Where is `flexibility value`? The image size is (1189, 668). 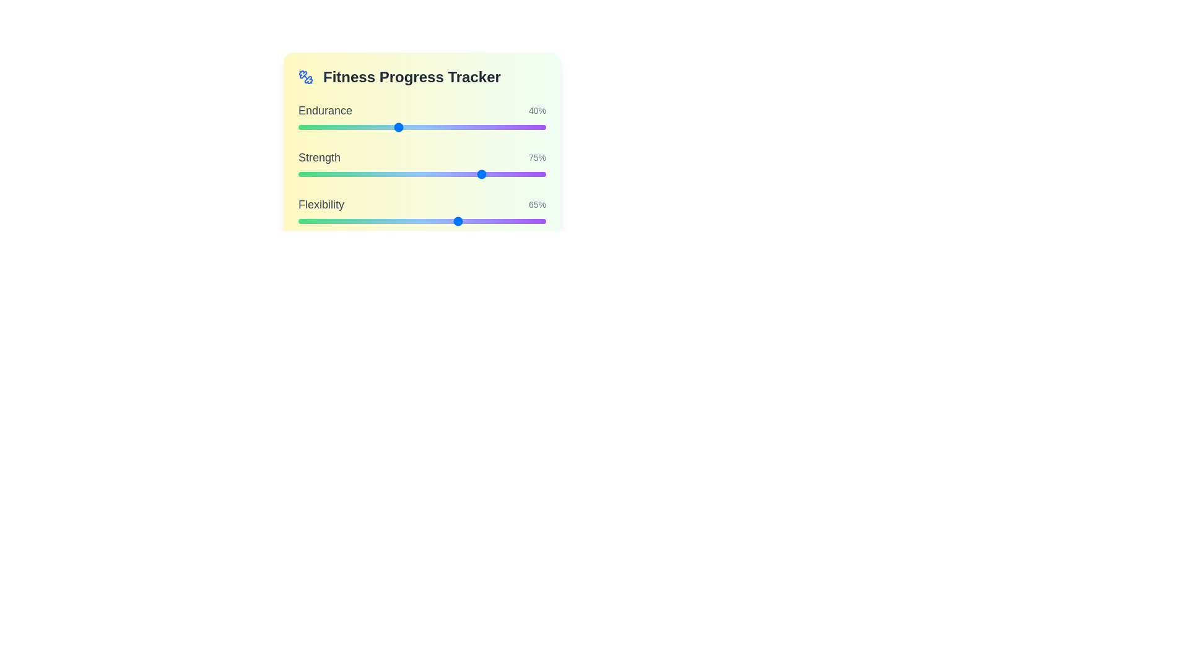 flexibility value is located at coordinates (442, 221).